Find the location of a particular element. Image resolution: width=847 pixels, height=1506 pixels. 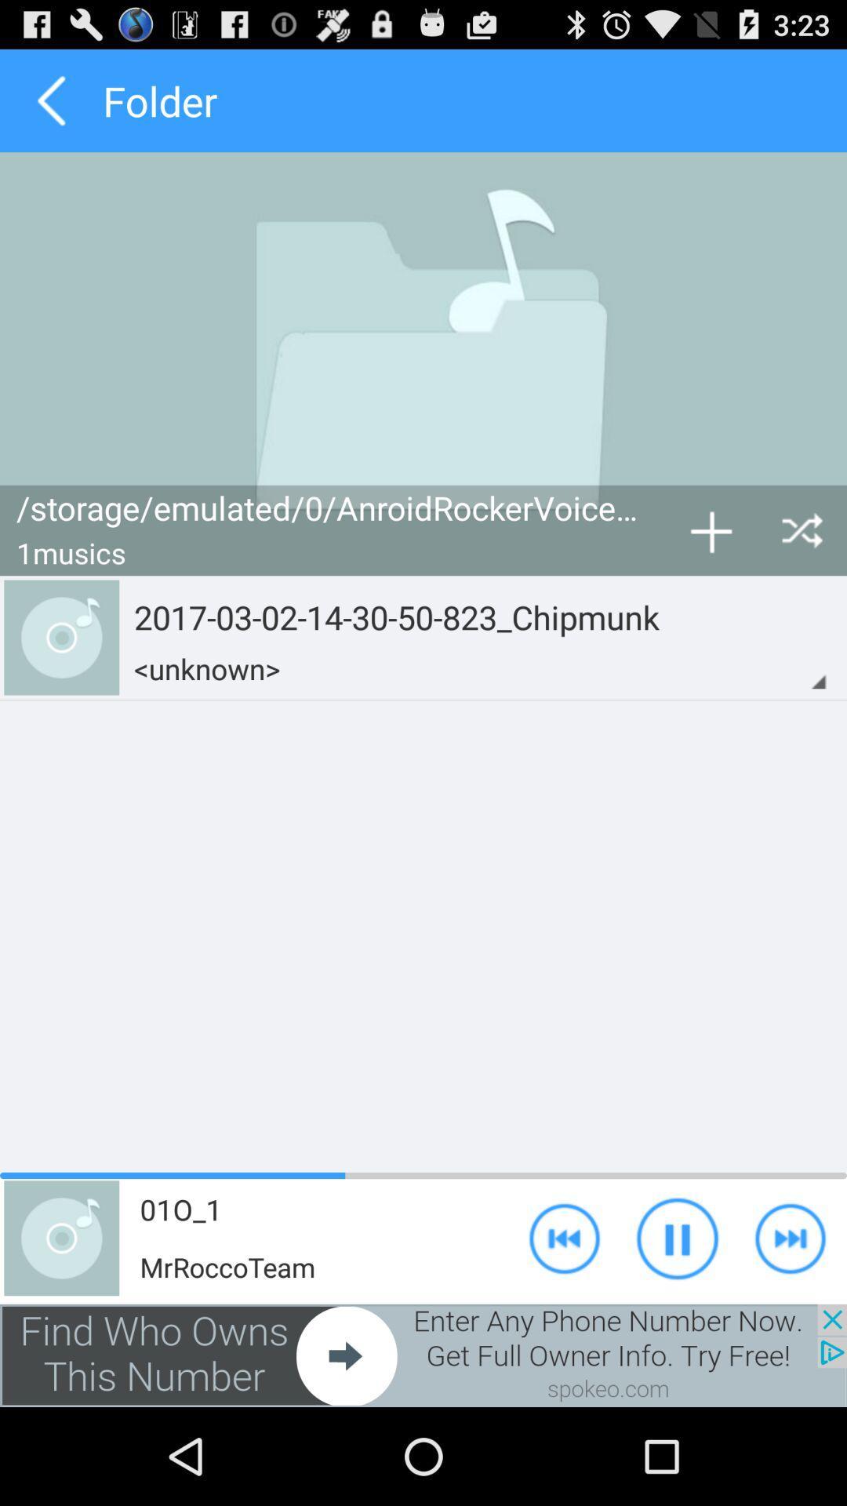

to find owner of the phone number name advertisement is located at coordinates (423, 1355).